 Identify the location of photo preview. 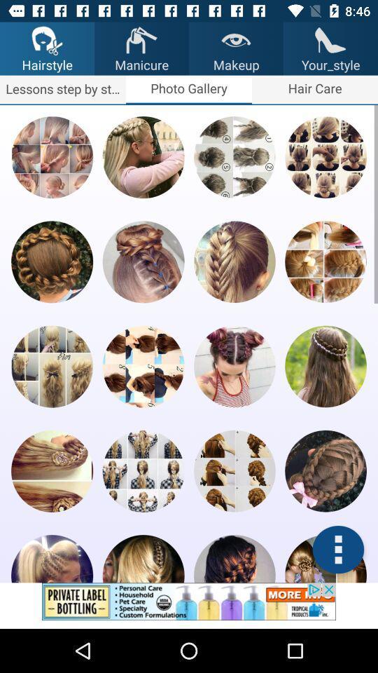
(325, 365).